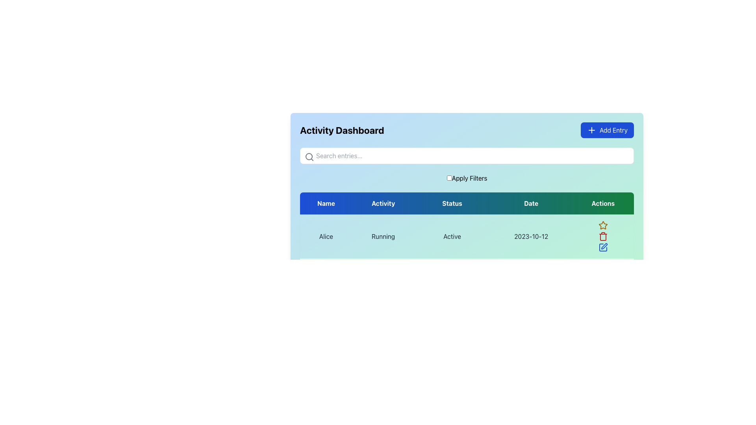  What do you see at coordinates (602, 236) in the screenshot?
I see `the vertically arranged group of three interactive icons (yellow star, red trash bin, blue pencil) in the 'Actions' column of the table for the entry 'Alice'` at bounding box center [602, 236].